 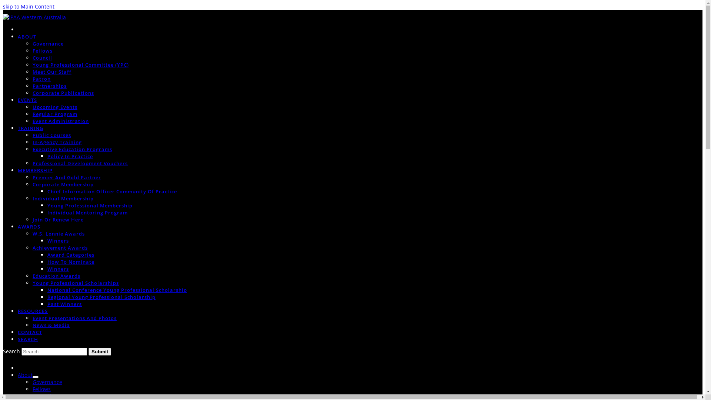 What do you see at coordinates (42, 57) in the screenshot?
I see `'Council'` at bounding box center [42, 57].